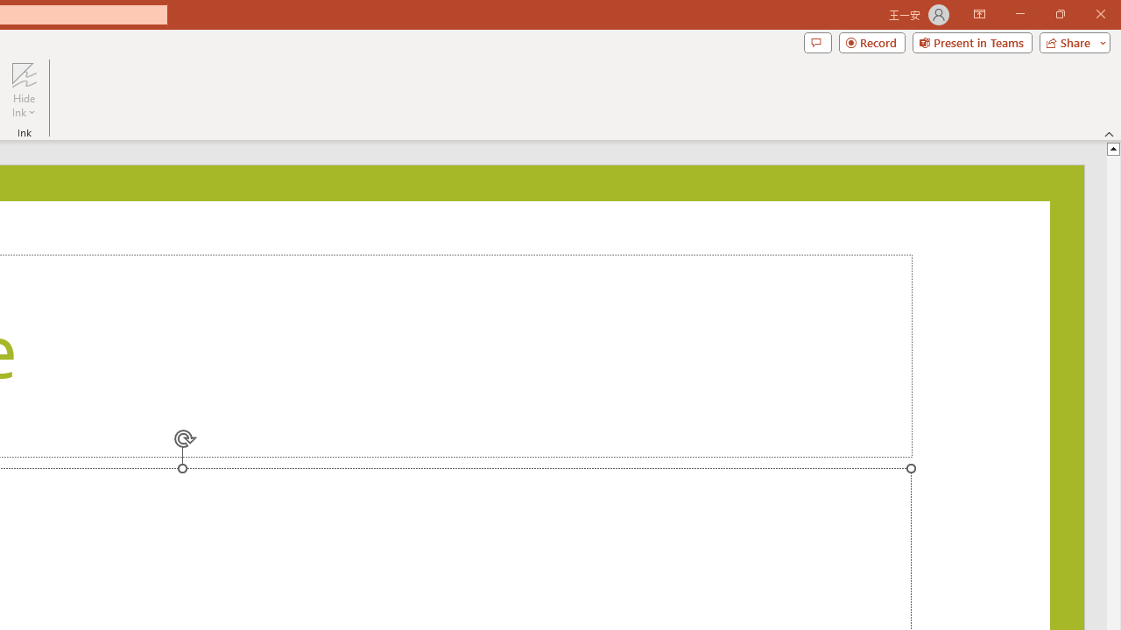 The width and height of the screenshot is (1121, 630). I want to click on 'Hide Ink', so click(24, 90).